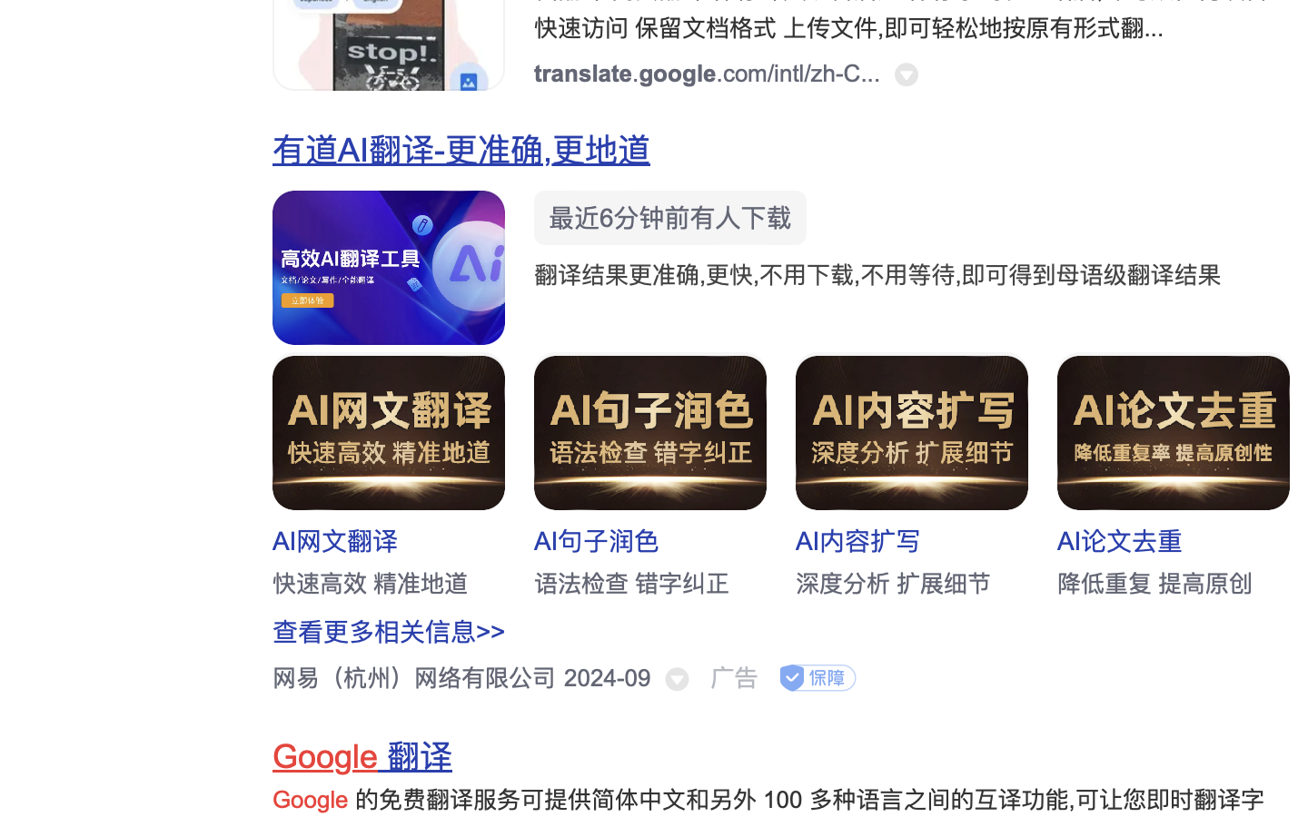 This screenshot has width=1308, height=817. Describe the element at coordinates (1154, 583) in the screenshot. I see `'降低重复 提高原创'` at that location.